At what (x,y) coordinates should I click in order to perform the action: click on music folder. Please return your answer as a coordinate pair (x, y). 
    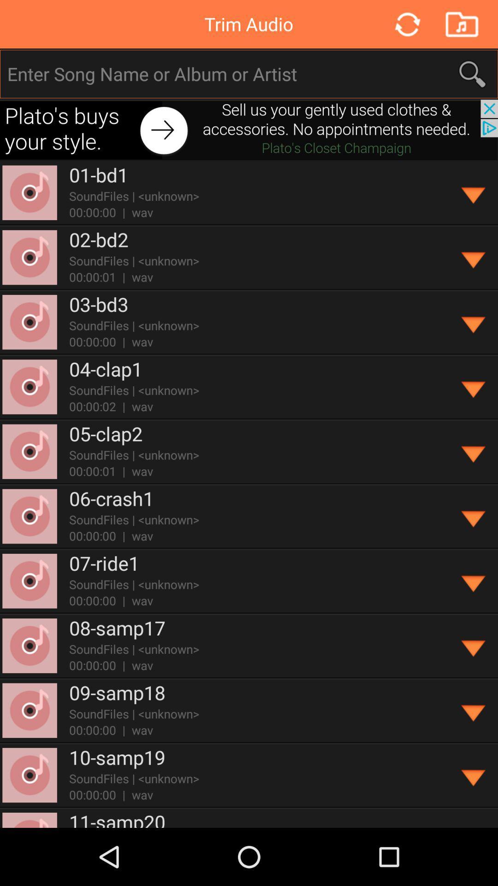
    Looking at the image, I should click on (462, 24).